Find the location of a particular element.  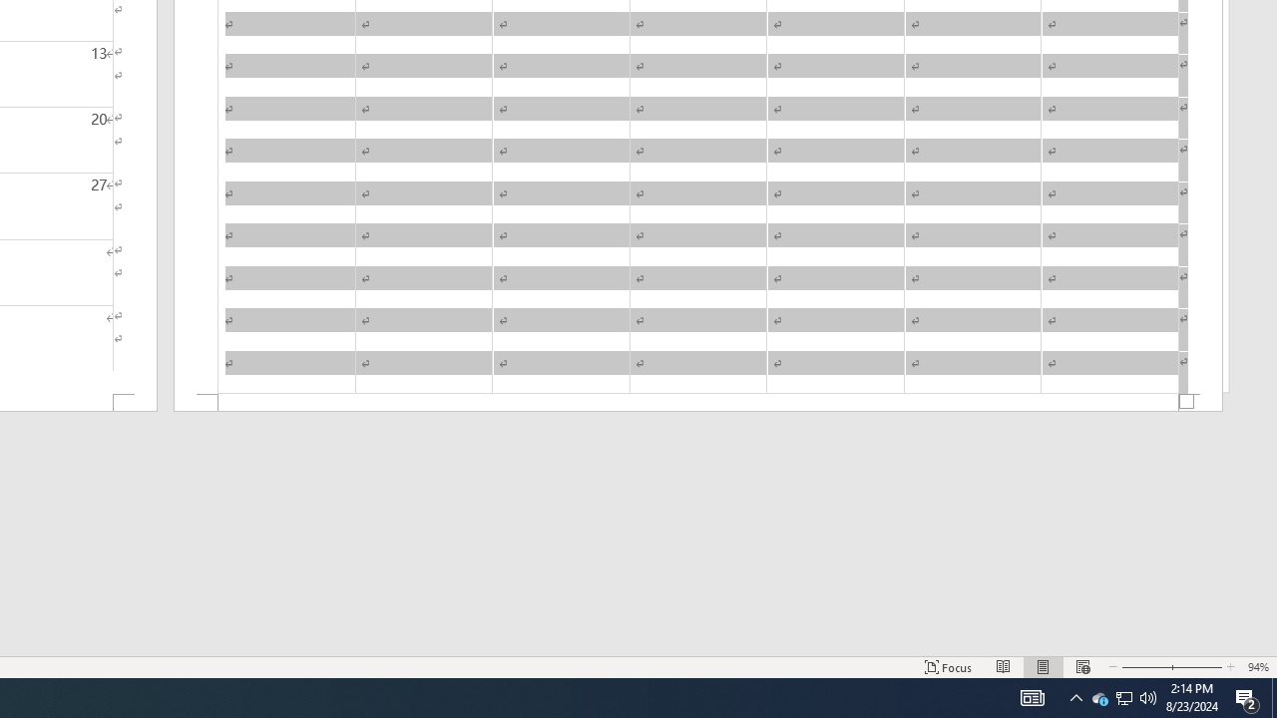

'Zoom Out' is located at coordinates (1144, 667).